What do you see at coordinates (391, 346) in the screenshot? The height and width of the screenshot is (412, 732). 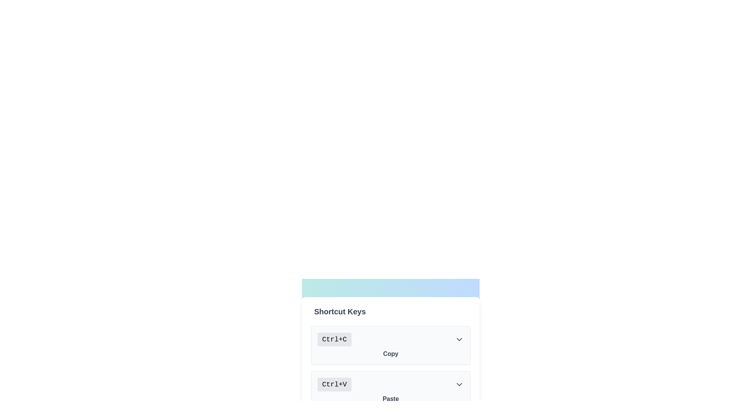 I see `the 'Copy' action component which displays the shortcut 'Ctrl+C' and a dropdown arrow to trigger related actions` at bounding box center [391, 346].